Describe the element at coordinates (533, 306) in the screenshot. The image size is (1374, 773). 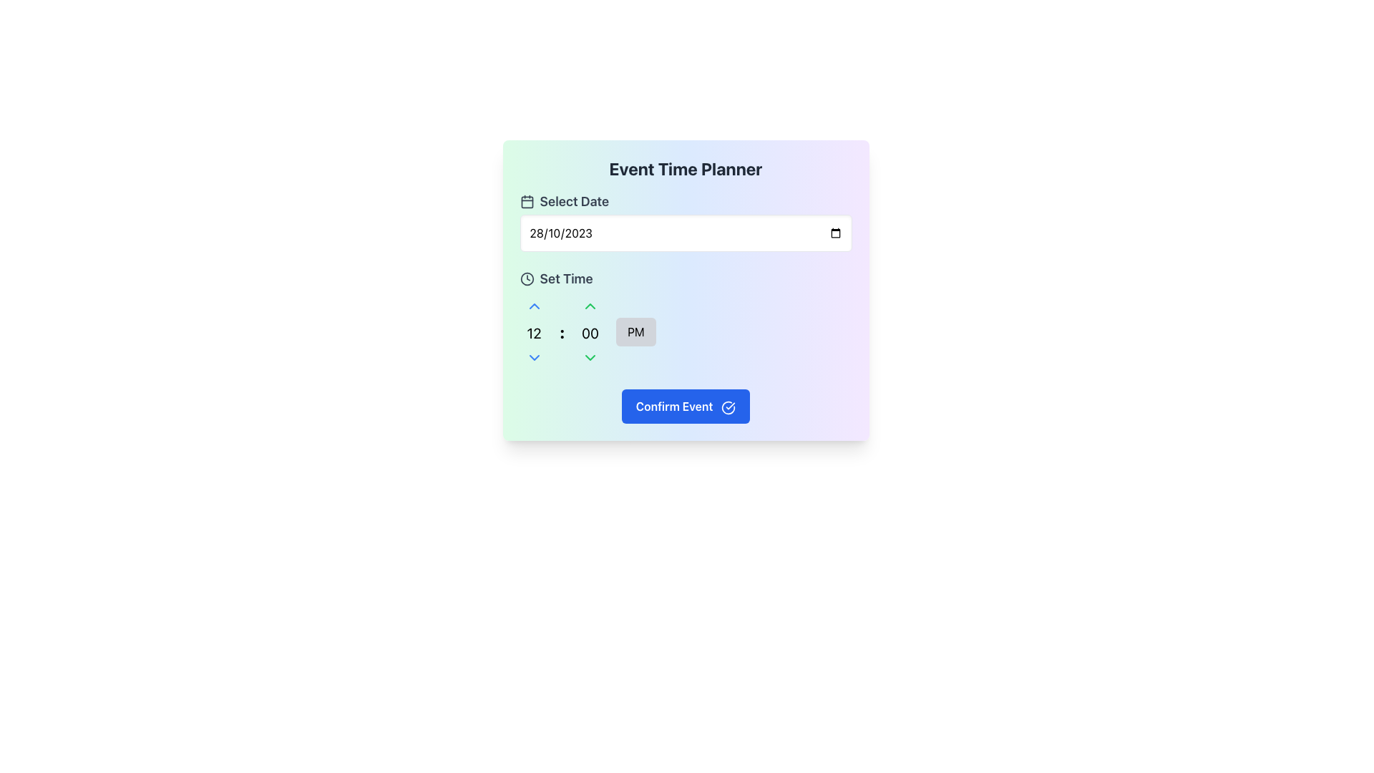
I see `the blue chevron-up button located above the hour input field in the 'Set Time' section of the 'Event Time Planner' interface` at that location.